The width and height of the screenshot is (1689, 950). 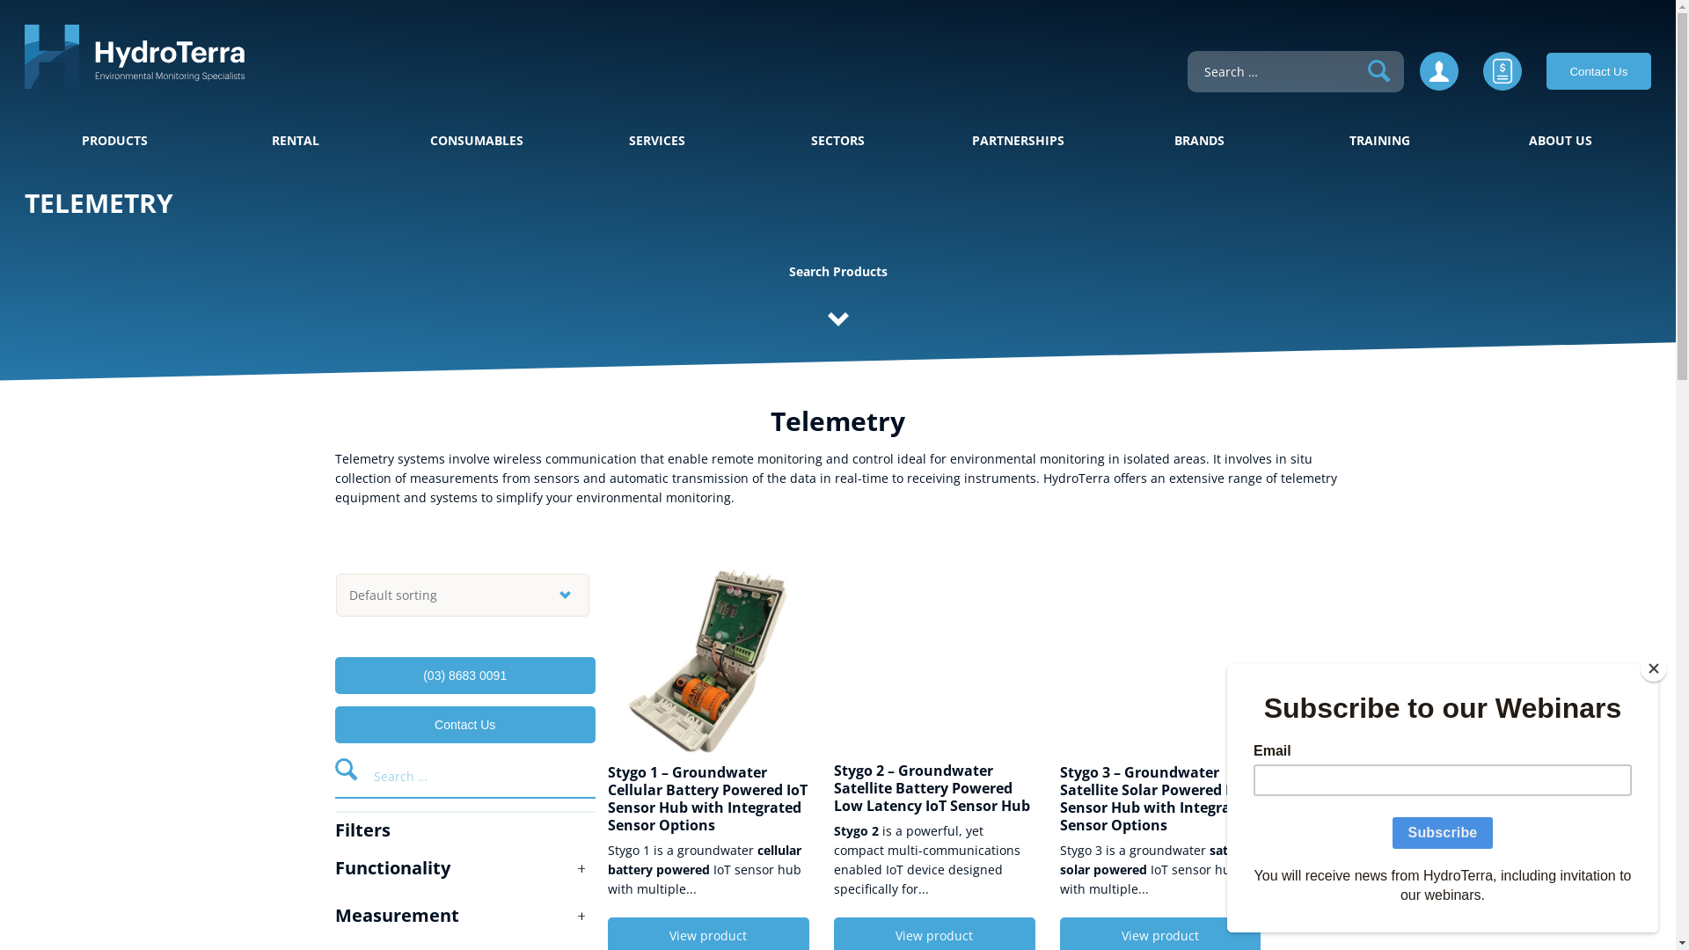 I want to click on 'BRANDS', so click(x=1198, y=139).